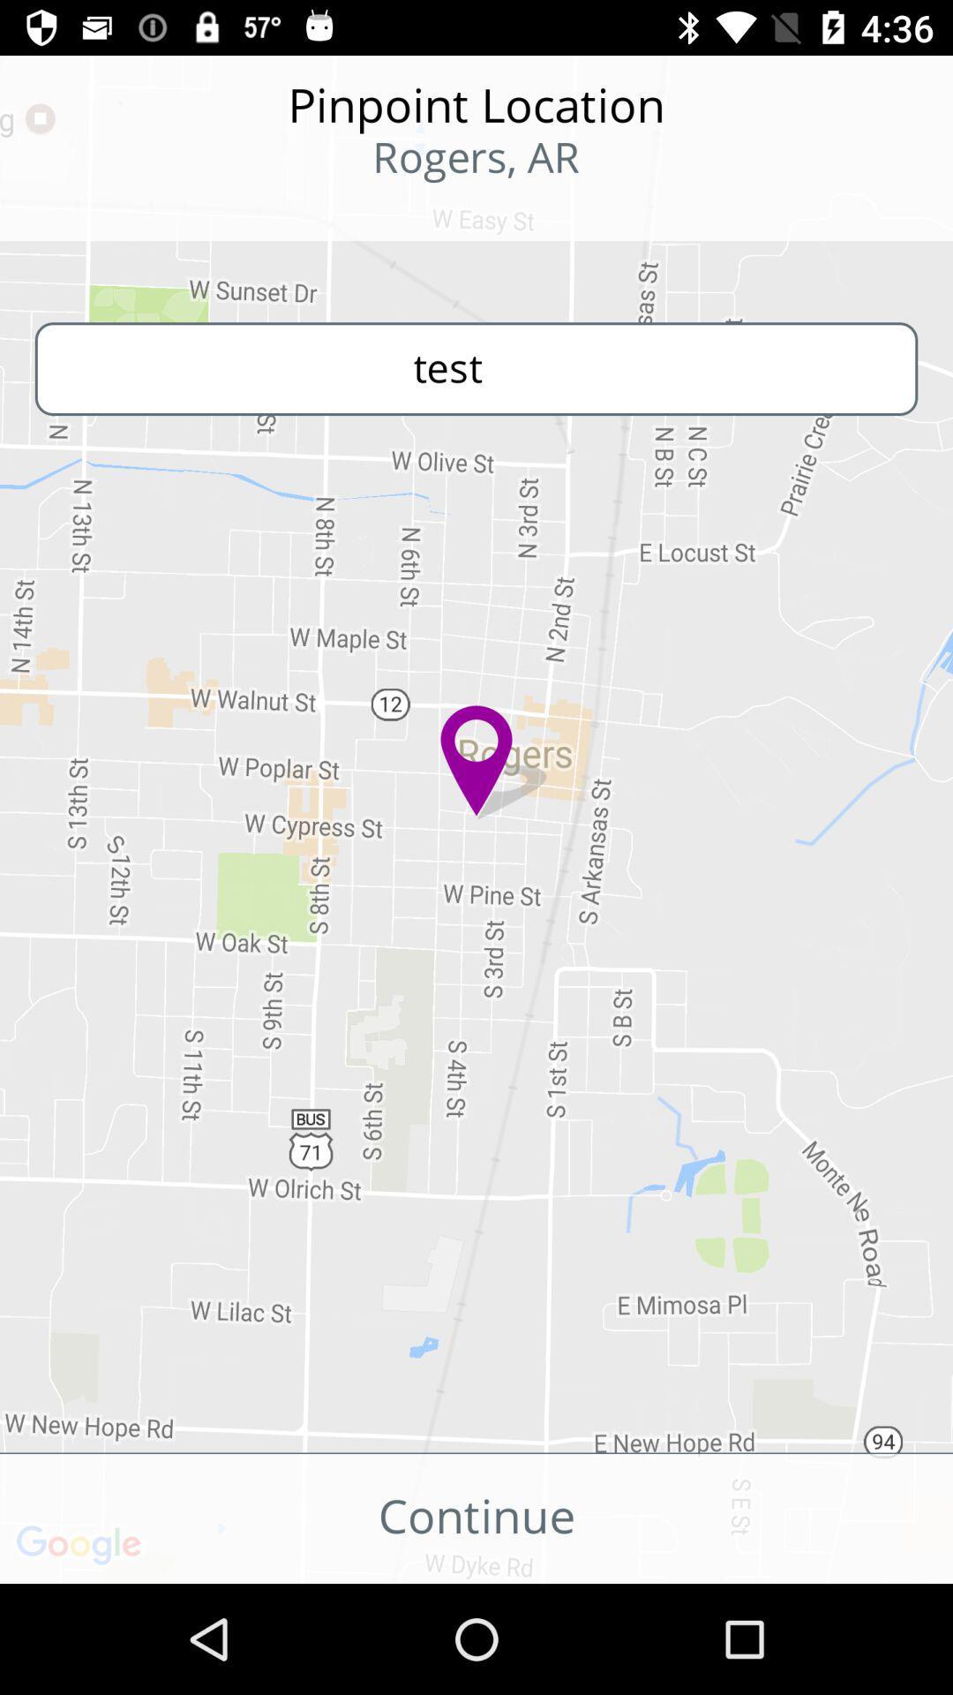  Describe the element at coordinates (476, 368) in the screenshot. I see `item above get more accurate` at that location.